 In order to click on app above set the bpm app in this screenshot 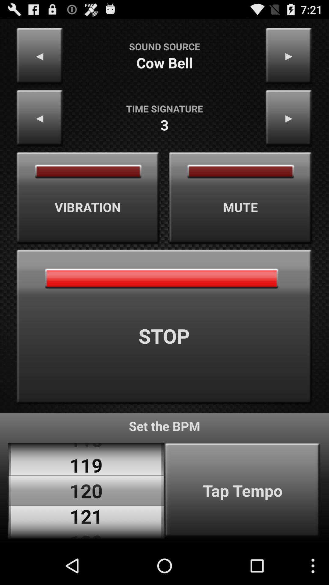, I will do `click(164, 327)`.